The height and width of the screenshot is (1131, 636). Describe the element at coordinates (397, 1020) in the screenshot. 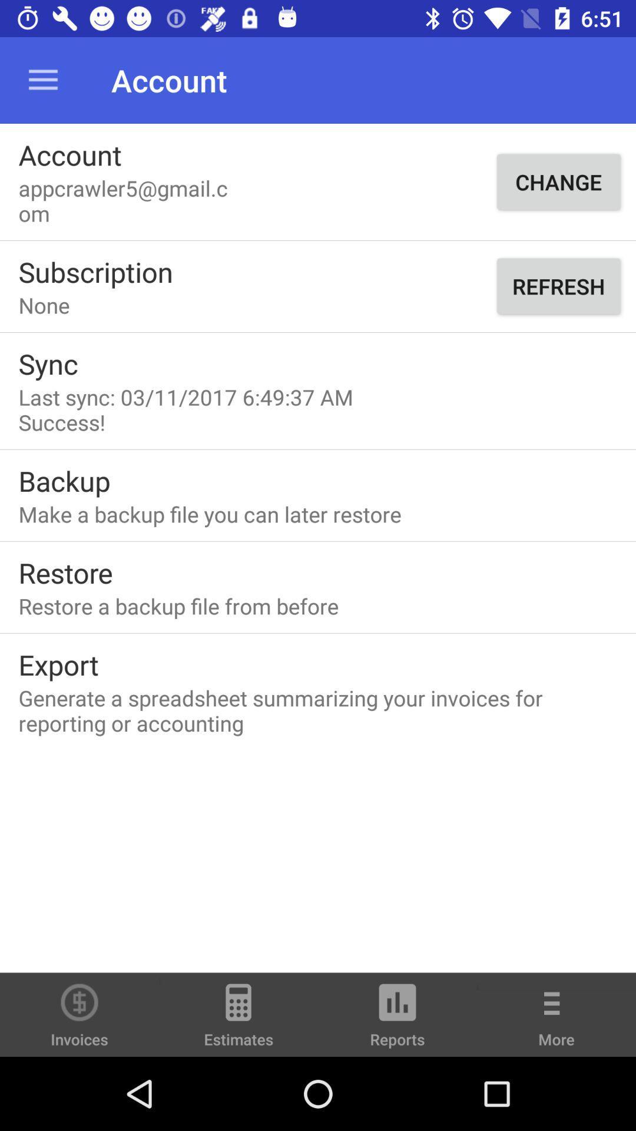

I see `the item to the left of the more icon` at that location.